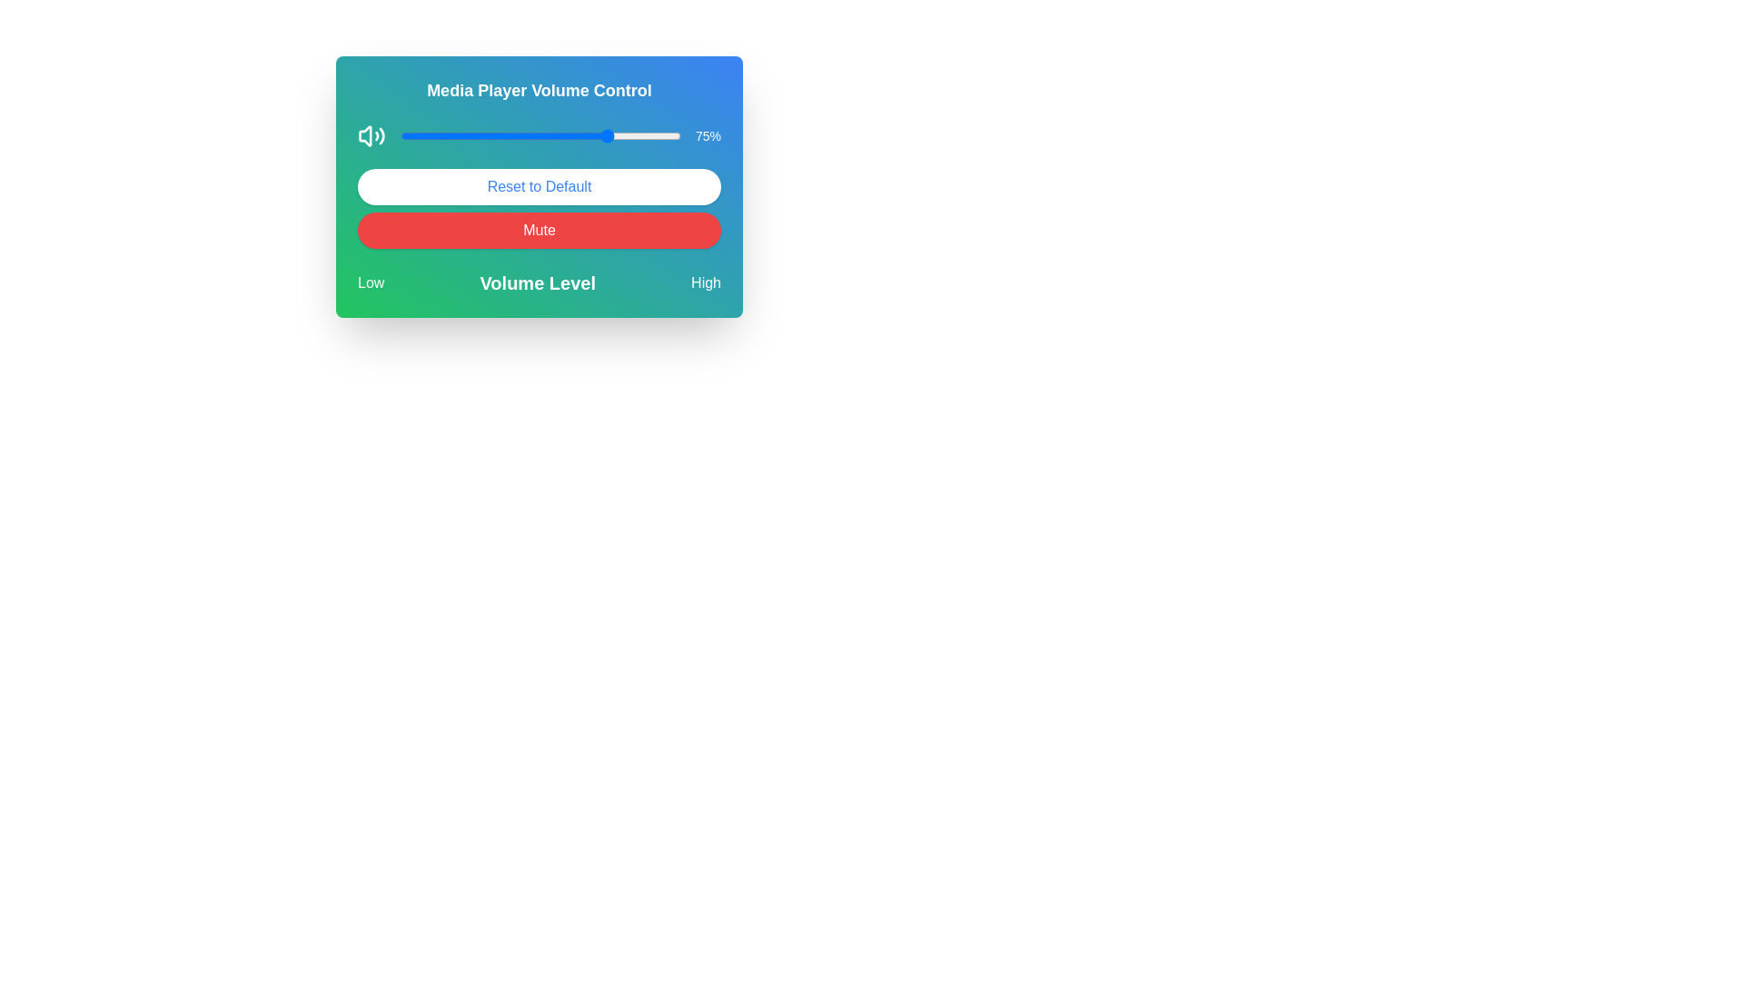 This screenshot has height=981, width=1744. Describe the element at coordinates (370, 283) in the screenshot. I see `the 'Low' text label indicating the low end of the volume scale, which is located to the left of the 'Volume Level' text` at that location.